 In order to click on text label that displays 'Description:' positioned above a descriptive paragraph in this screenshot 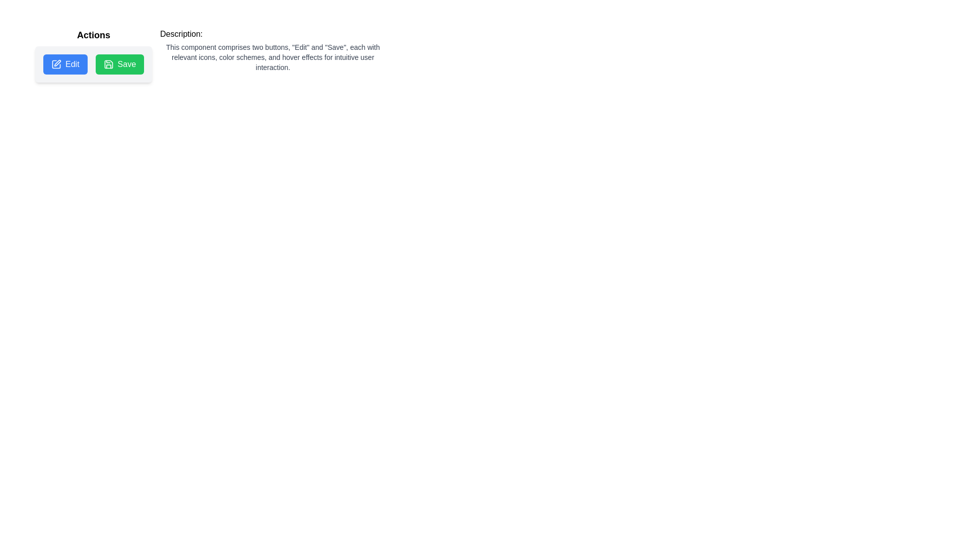, I will do `click(181, 34)`.